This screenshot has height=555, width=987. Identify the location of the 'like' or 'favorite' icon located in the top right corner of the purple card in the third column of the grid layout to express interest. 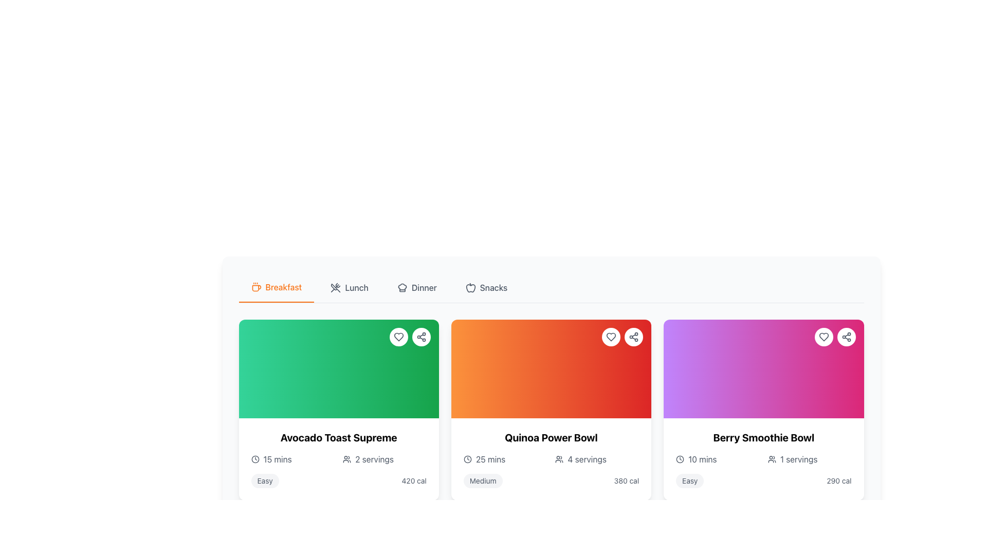
(824, 337).